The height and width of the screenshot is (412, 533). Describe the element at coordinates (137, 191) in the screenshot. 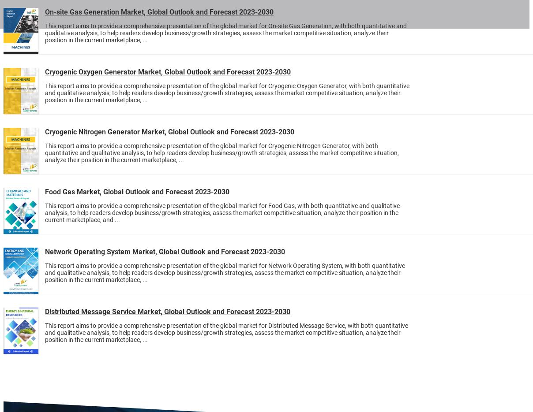

I see `'Food Gas Market, Global Outlook and Forecast 2023-2030'` at that location.